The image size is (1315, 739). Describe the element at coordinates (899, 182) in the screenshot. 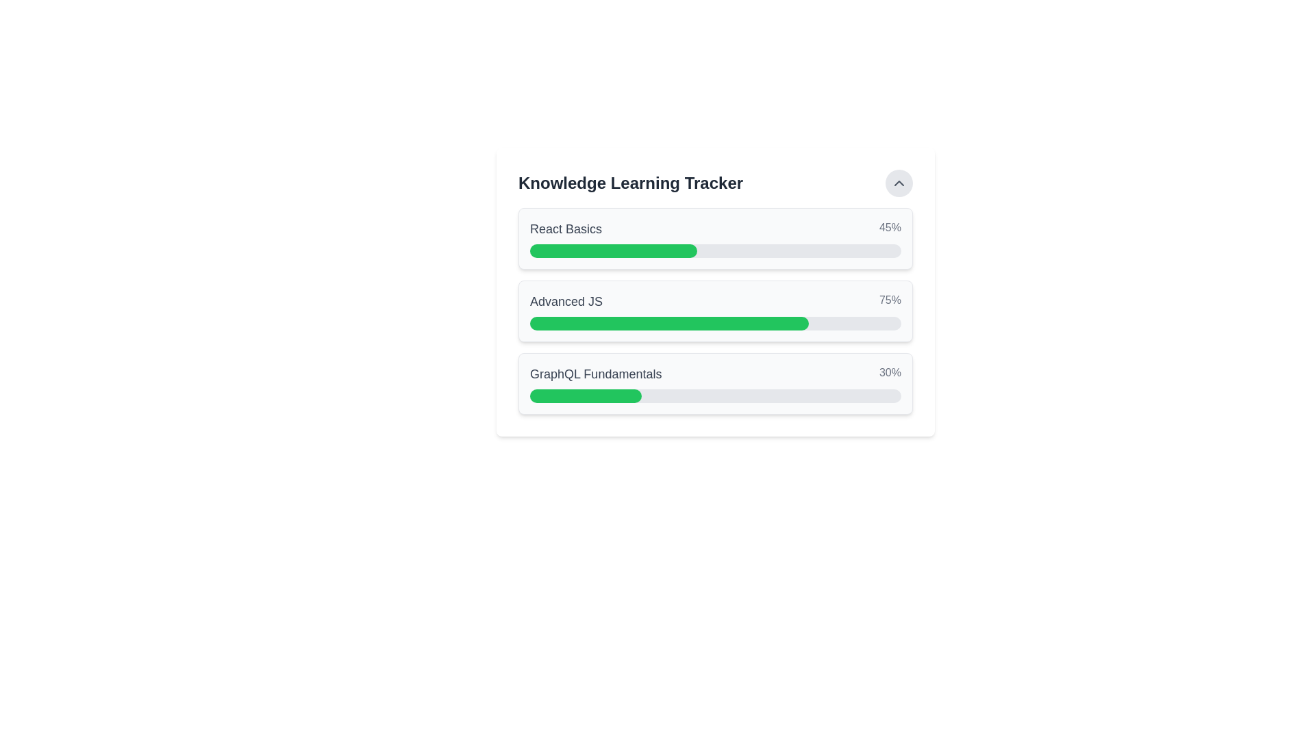

I see `the Chevron Up icon, which is centrally located near the top-right corner of the interface, adjacent to the 'Knowledge Learning Tracker' title` at that location.